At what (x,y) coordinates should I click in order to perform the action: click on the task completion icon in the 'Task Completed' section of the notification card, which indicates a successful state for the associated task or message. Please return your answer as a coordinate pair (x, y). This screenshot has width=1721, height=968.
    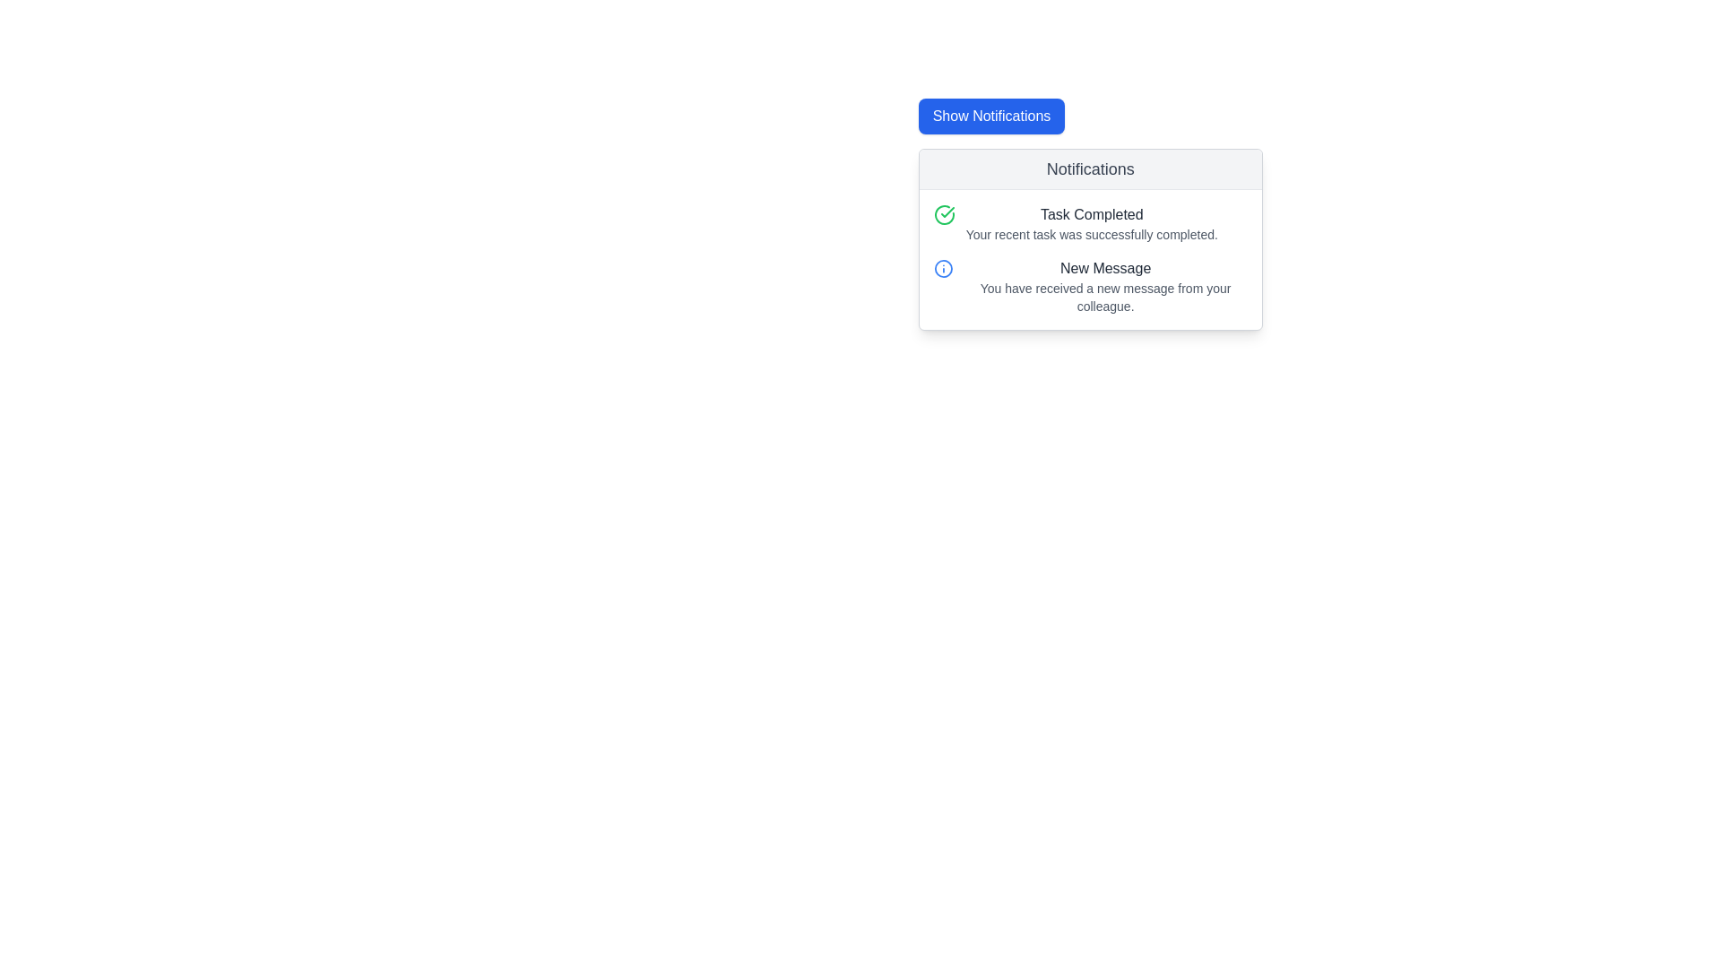
    Looking at the image, I should click on (943, 213).